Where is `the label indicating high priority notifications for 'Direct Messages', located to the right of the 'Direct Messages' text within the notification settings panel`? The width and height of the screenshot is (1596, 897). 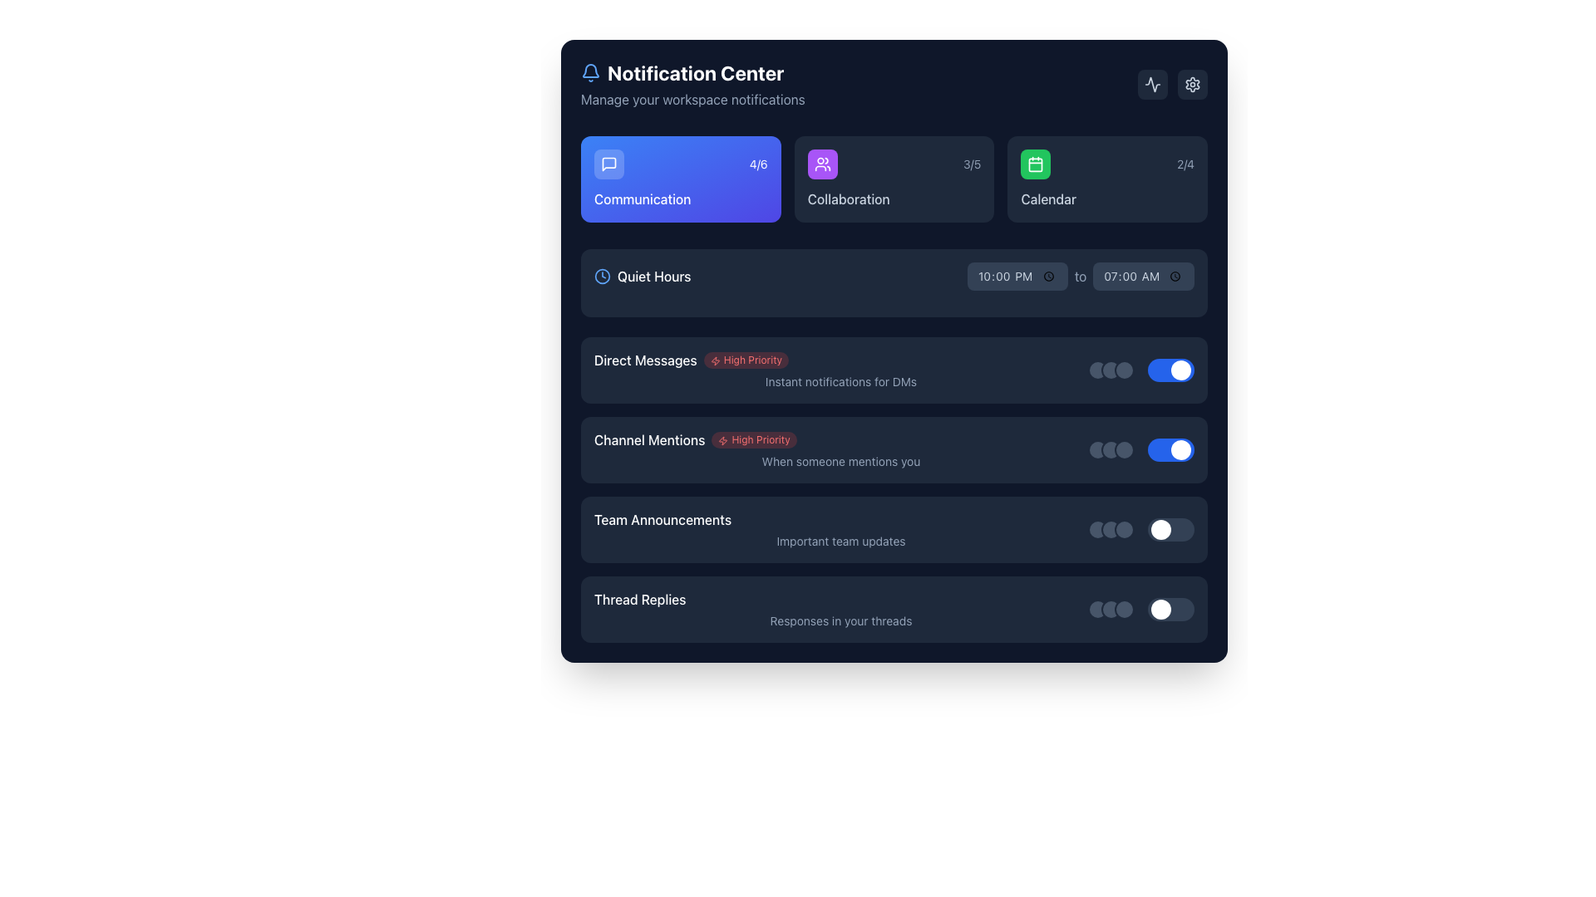
the label indicating high priority notifications for 'Direct Messages', located to the right of the 'Direct Messages' text within the notification settings panel is located at coordinates (745, 360).